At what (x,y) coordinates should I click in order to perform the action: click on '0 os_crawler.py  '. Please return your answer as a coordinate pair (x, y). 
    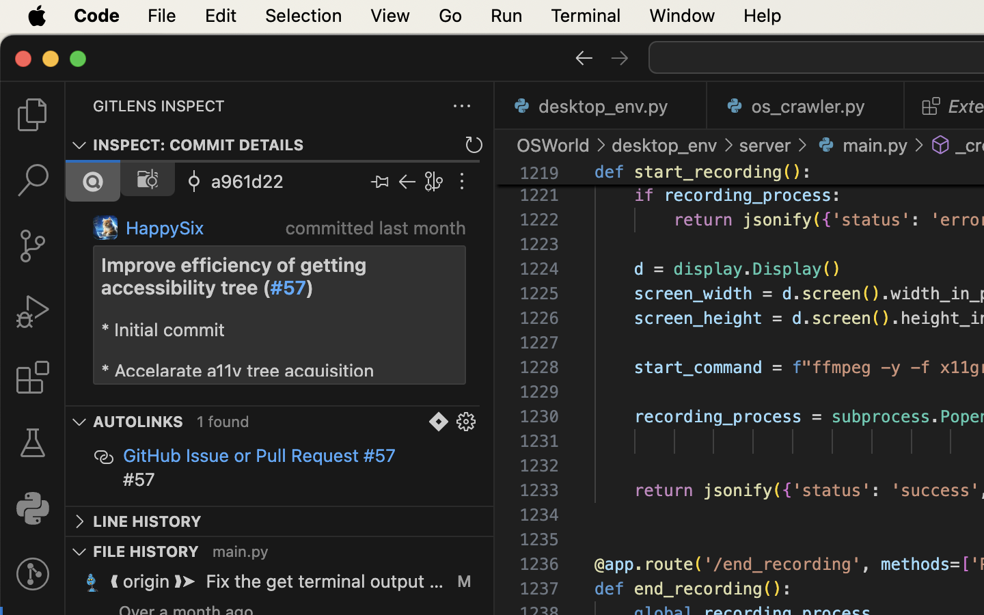
    Looking at the image, I should click on (806, 105).